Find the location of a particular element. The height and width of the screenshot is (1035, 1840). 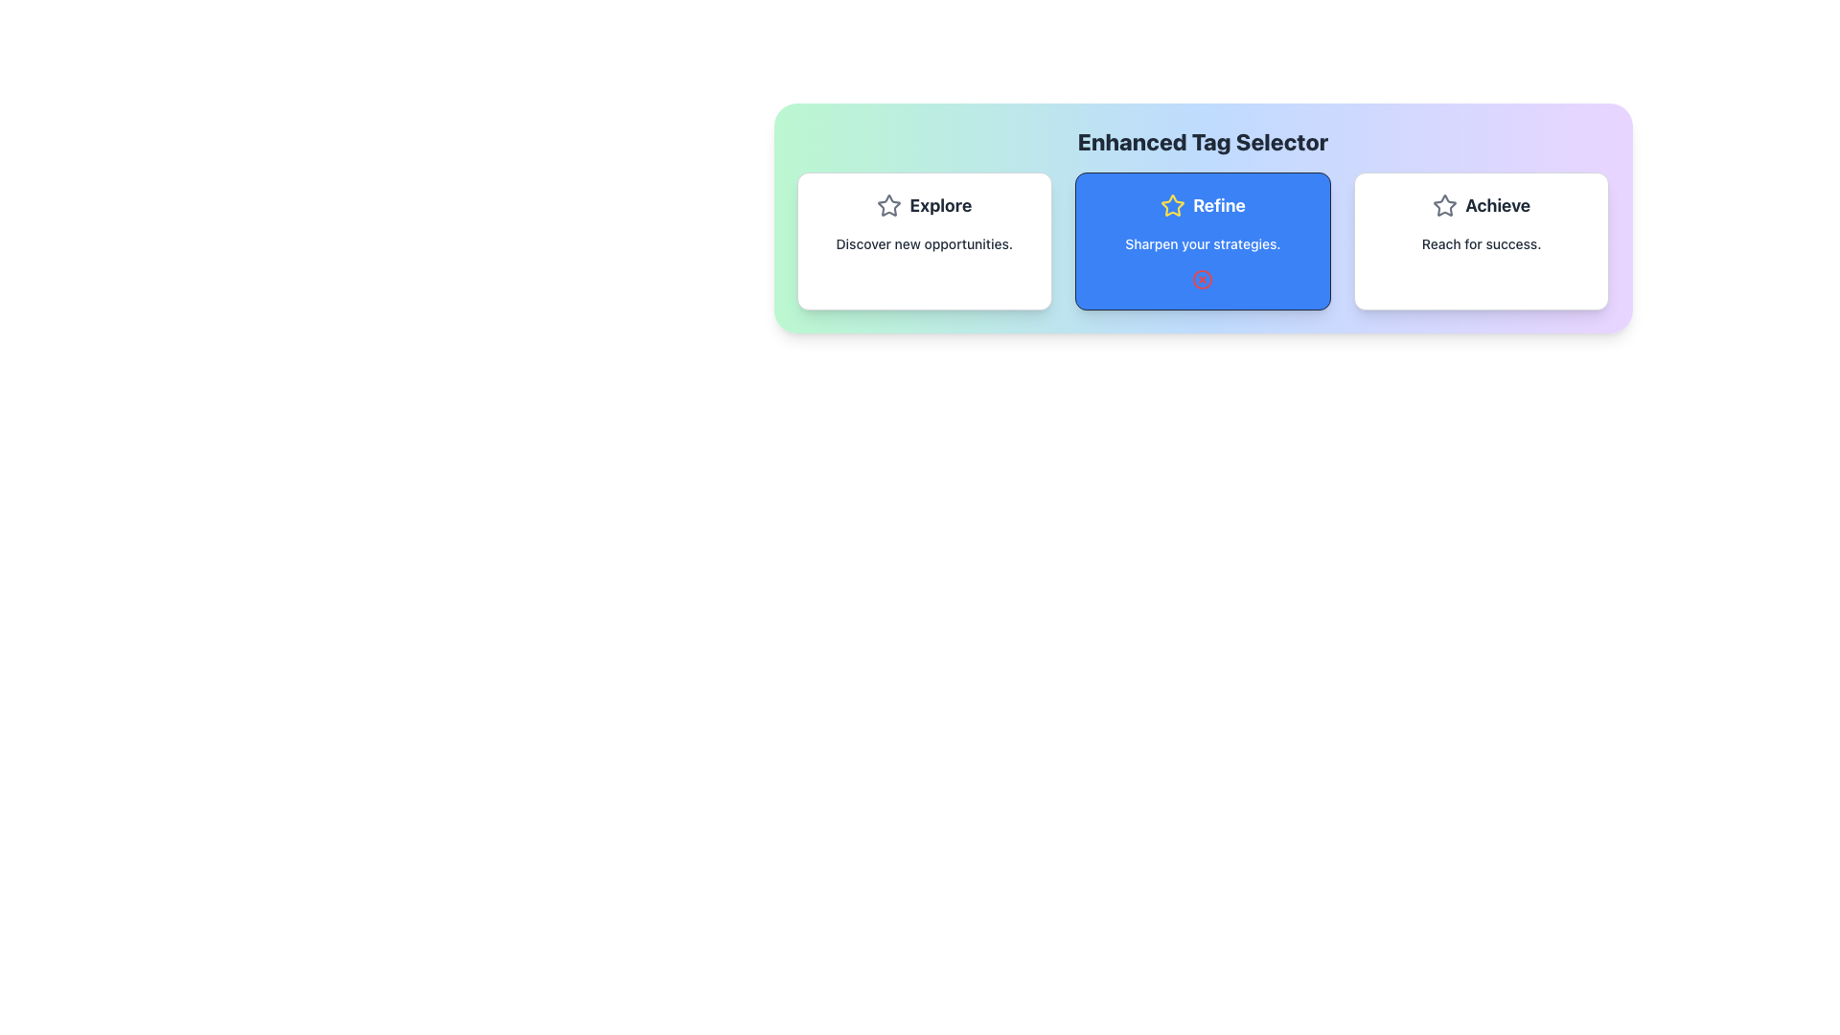

the 'Refine' text label, which is styled in bold, large white font against a blue background, located centrally in the 'Refine' section of the interface is located at coordinates (1202, 206).